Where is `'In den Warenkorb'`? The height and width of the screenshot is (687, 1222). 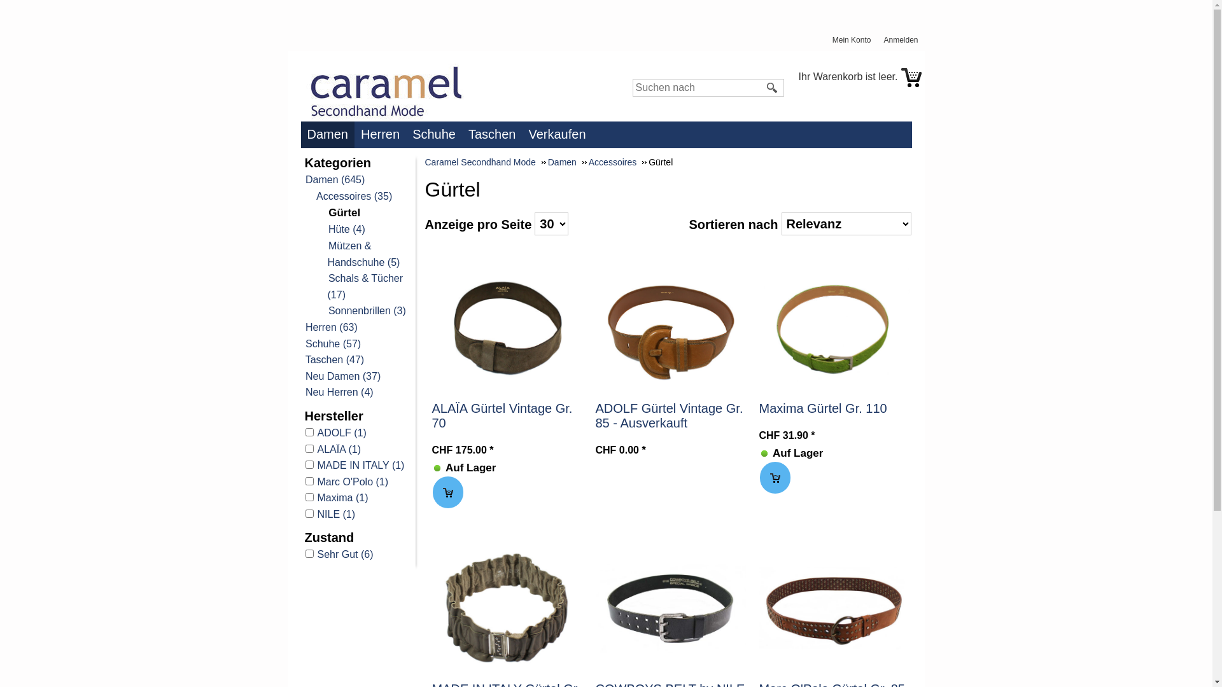 'In den Warenkorb' is located at coordinates (433, 492).